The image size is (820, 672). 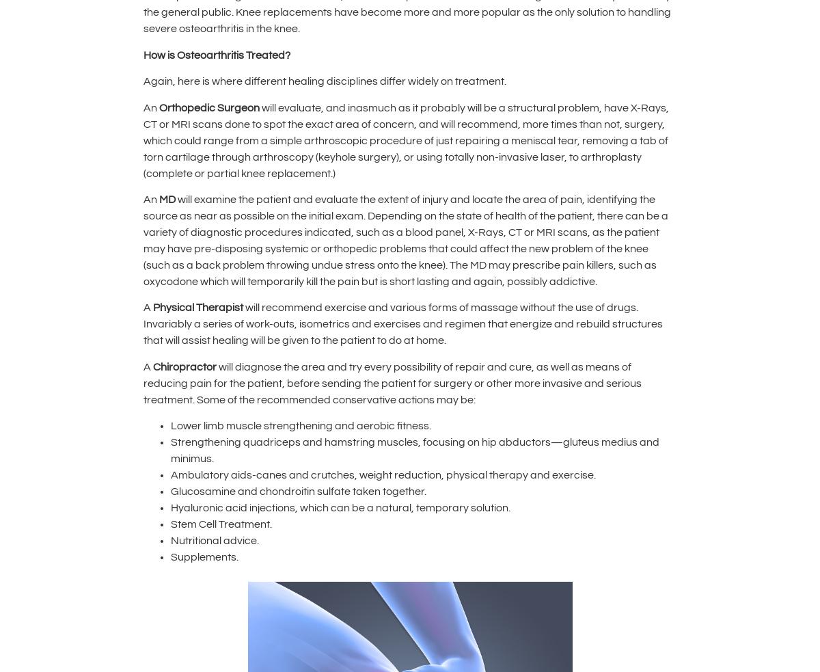 I want to click on 'Nutritional advice.', so click(x=215, y=540).